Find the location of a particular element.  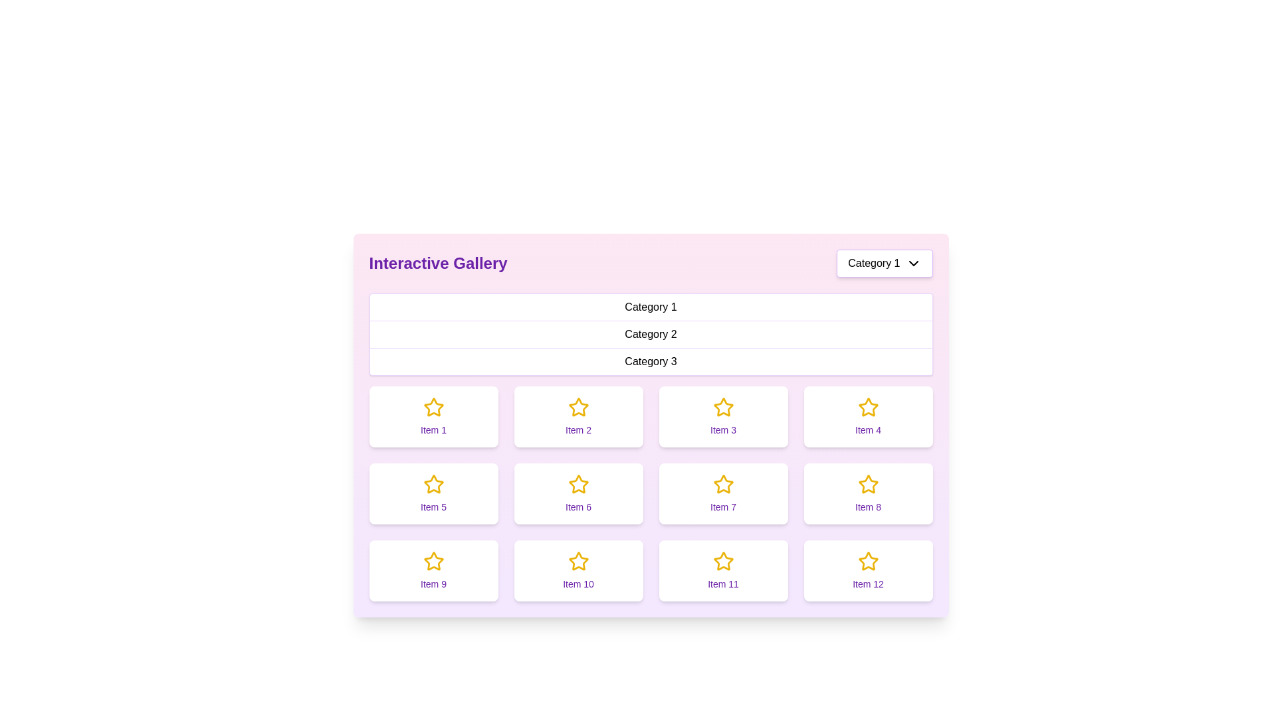

the Star icon visually associated with 'Item 4' in the Interactive Gallery section of the interface is located at coordinates (868, 406).